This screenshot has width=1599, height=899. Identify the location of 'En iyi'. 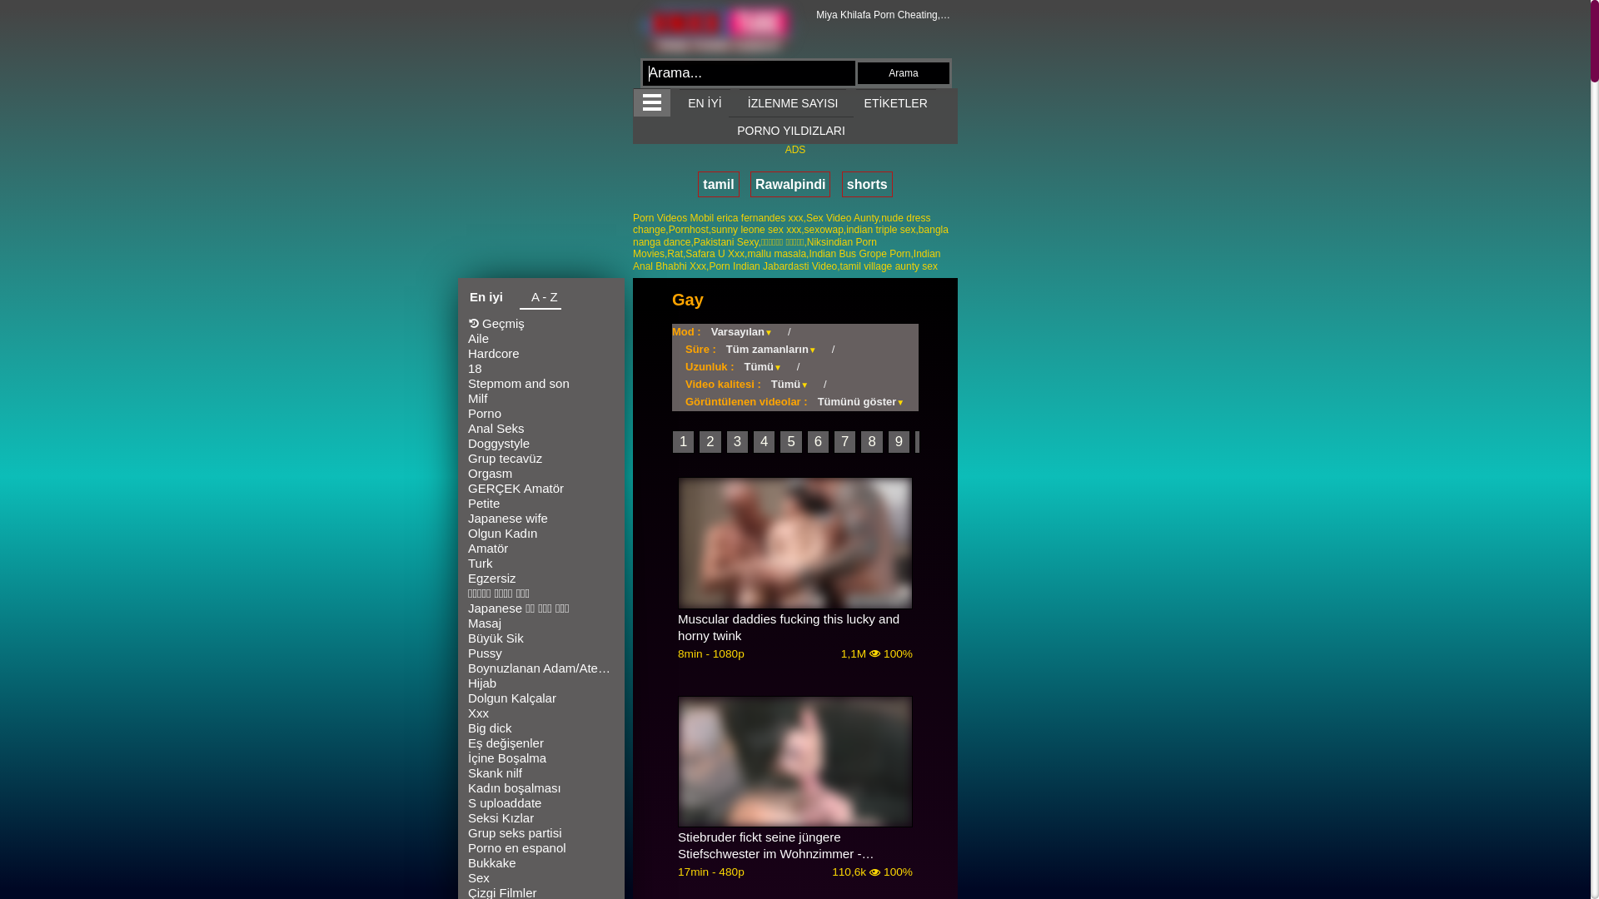
(486, 297).